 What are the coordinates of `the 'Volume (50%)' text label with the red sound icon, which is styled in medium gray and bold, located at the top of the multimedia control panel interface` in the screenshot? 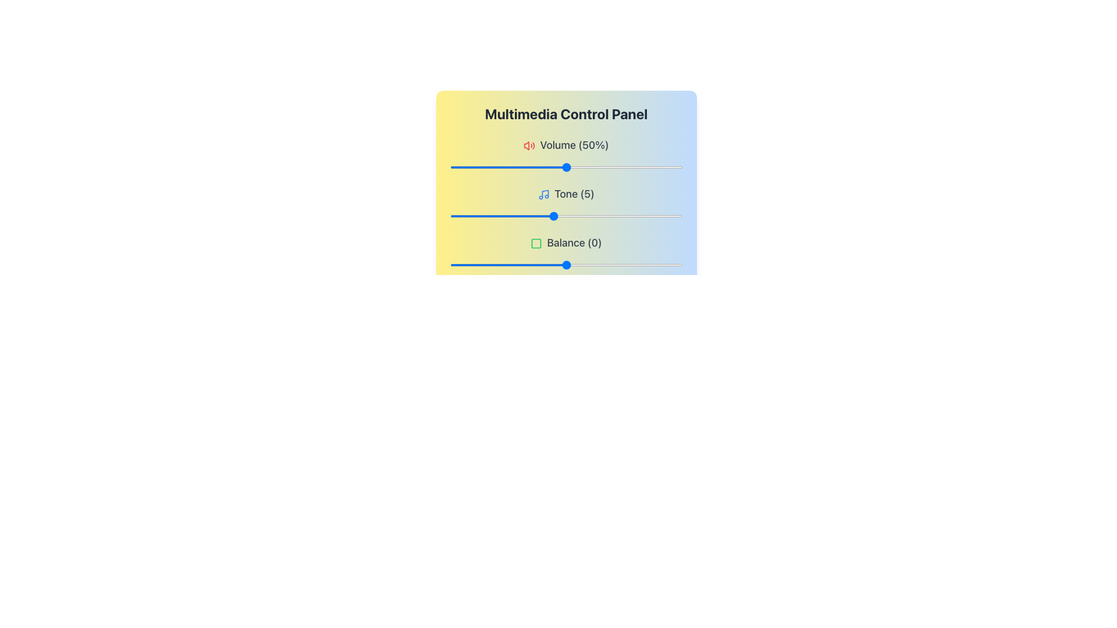 It's located at (566, 145).